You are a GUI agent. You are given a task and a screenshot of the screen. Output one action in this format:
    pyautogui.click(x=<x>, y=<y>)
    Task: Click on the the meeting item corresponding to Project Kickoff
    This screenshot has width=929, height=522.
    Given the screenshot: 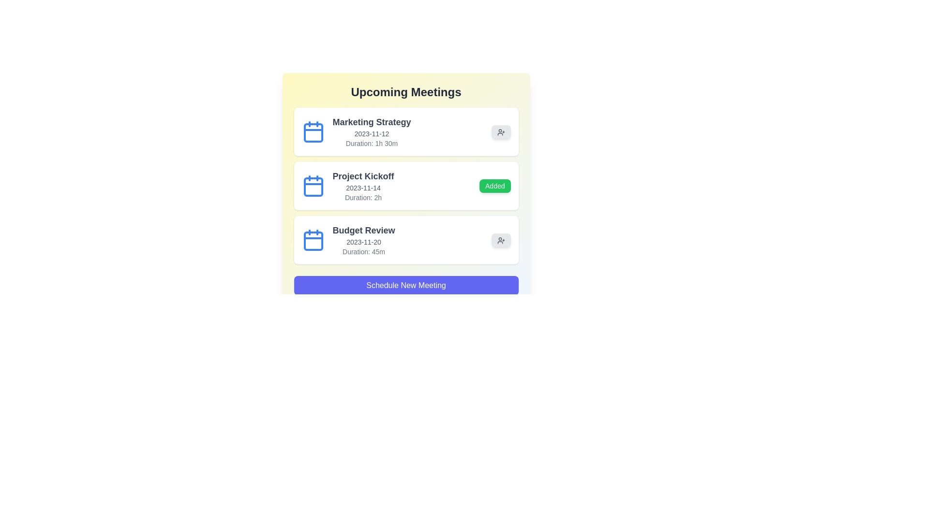 What is the action you would take?
    pyautogui.click(x=406, y=186)
    